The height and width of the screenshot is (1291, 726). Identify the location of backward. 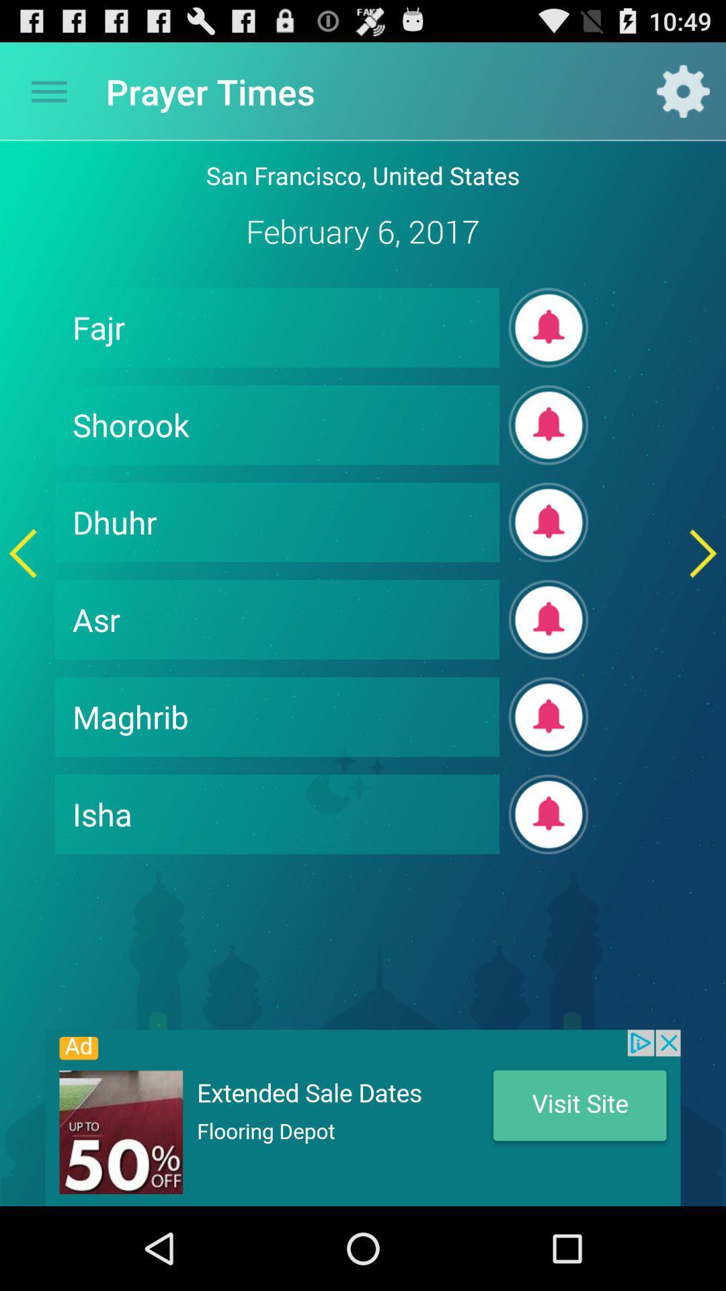
(23, 553).